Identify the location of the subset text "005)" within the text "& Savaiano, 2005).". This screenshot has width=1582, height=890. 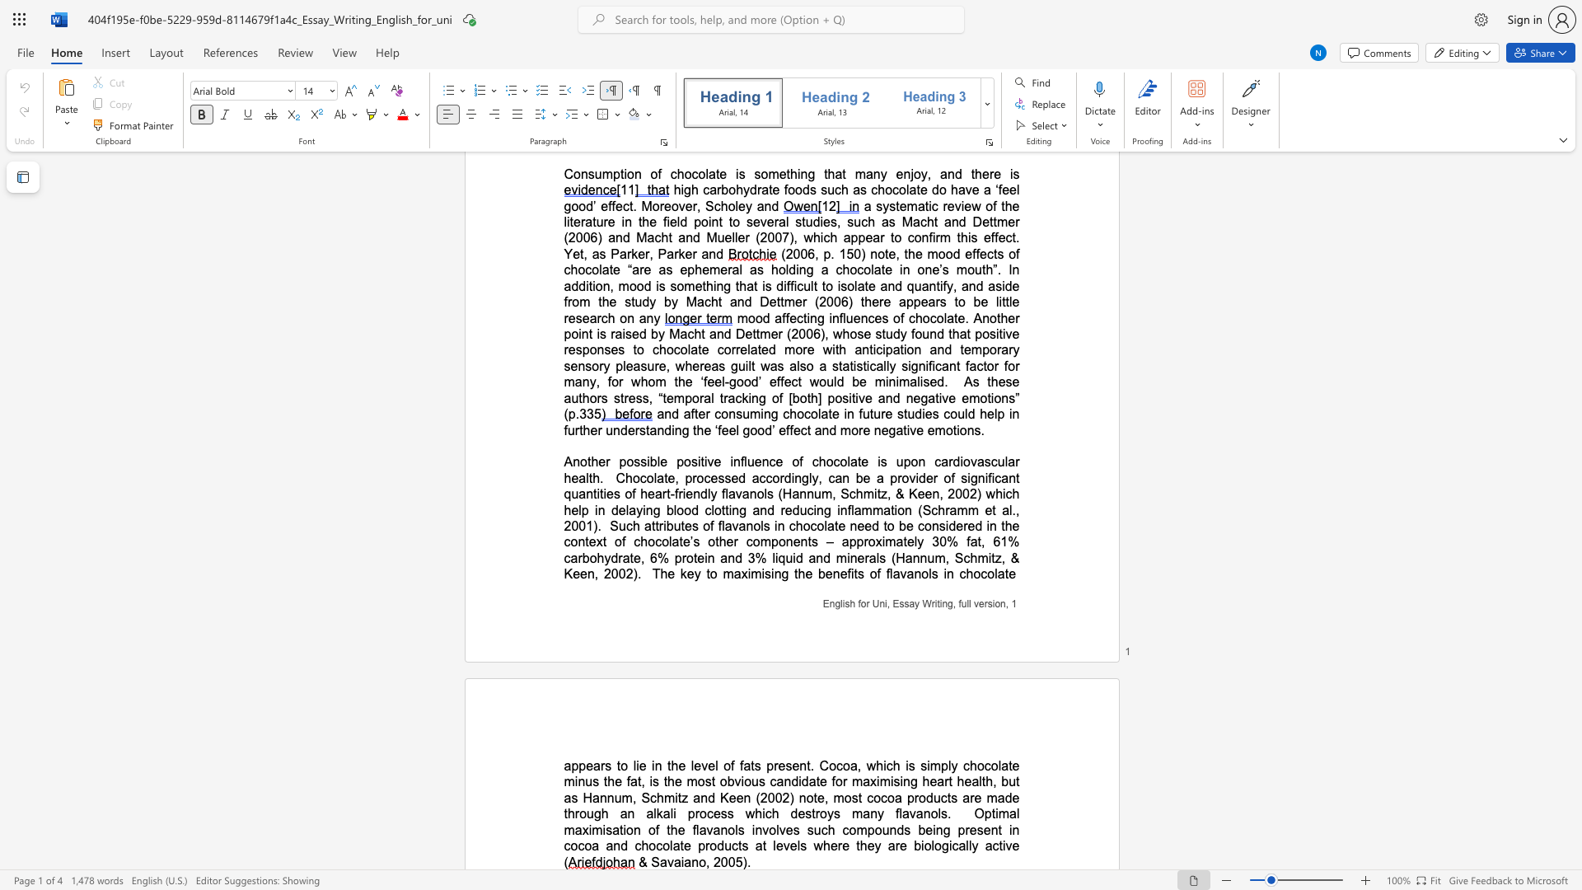
(720, 860).